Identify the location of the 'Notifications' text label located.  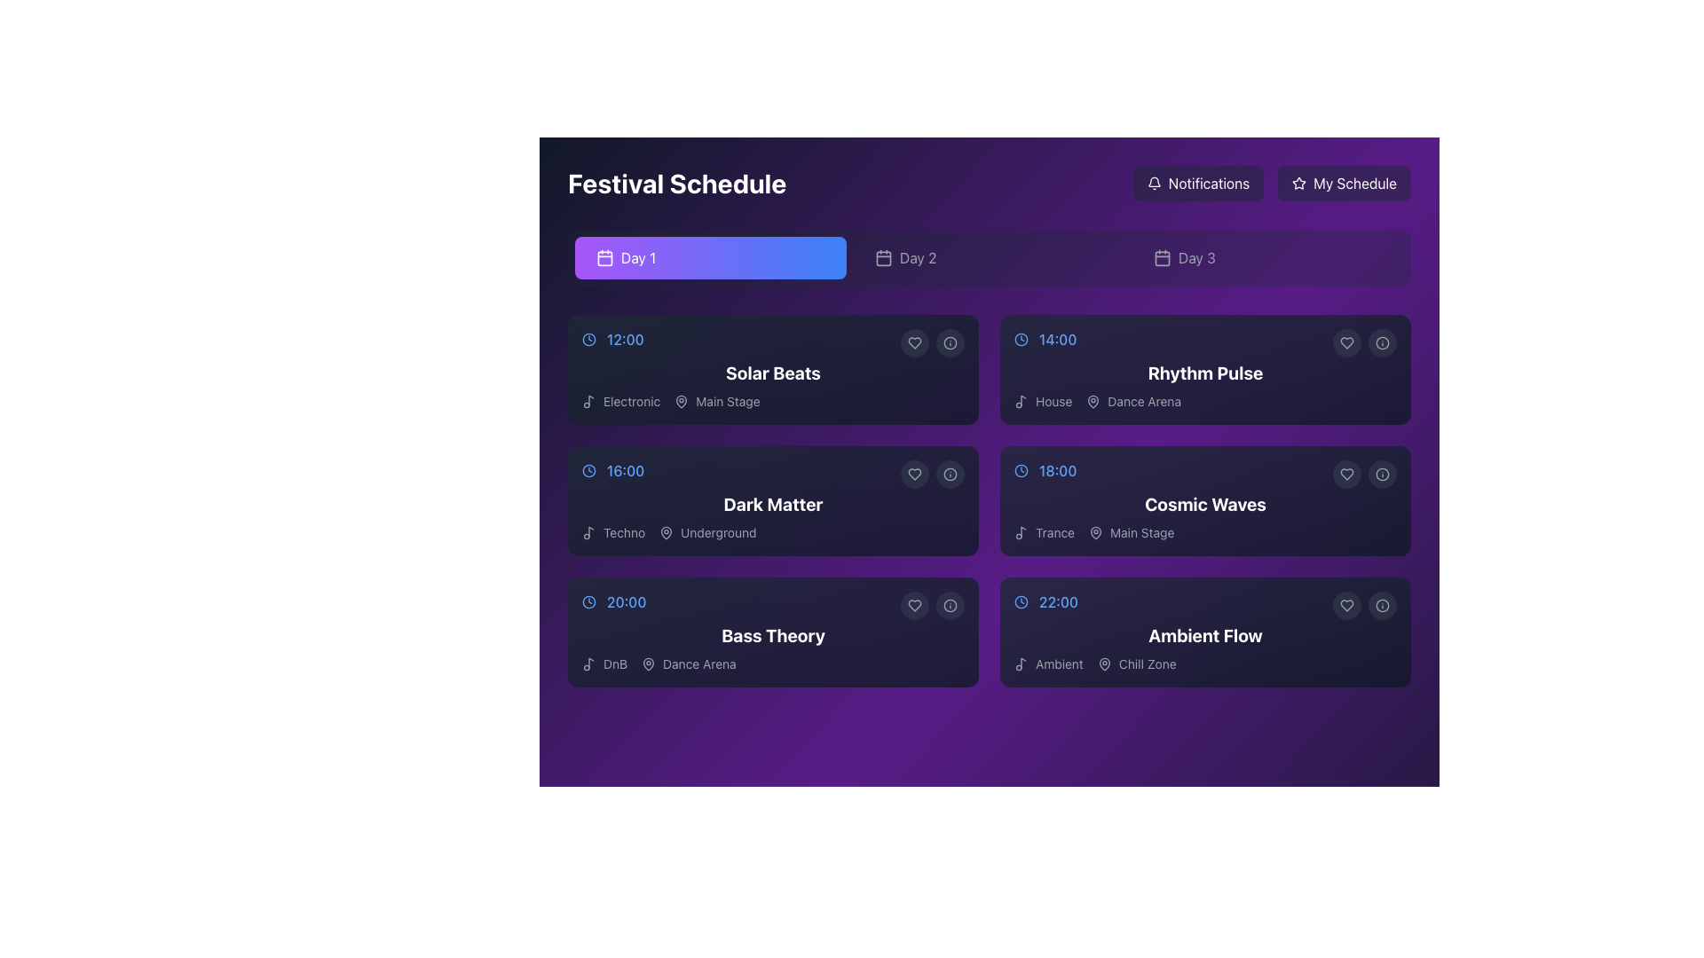
(1208, 184).